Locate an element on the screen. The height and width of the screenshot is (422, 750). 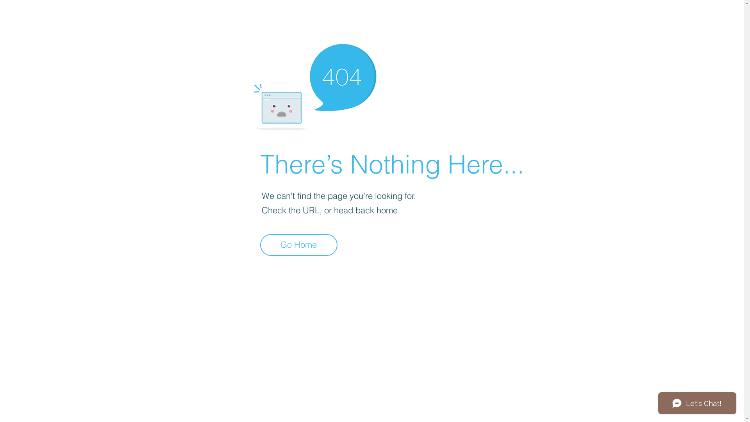
'Go Home' is located at coordinates (298, 245).